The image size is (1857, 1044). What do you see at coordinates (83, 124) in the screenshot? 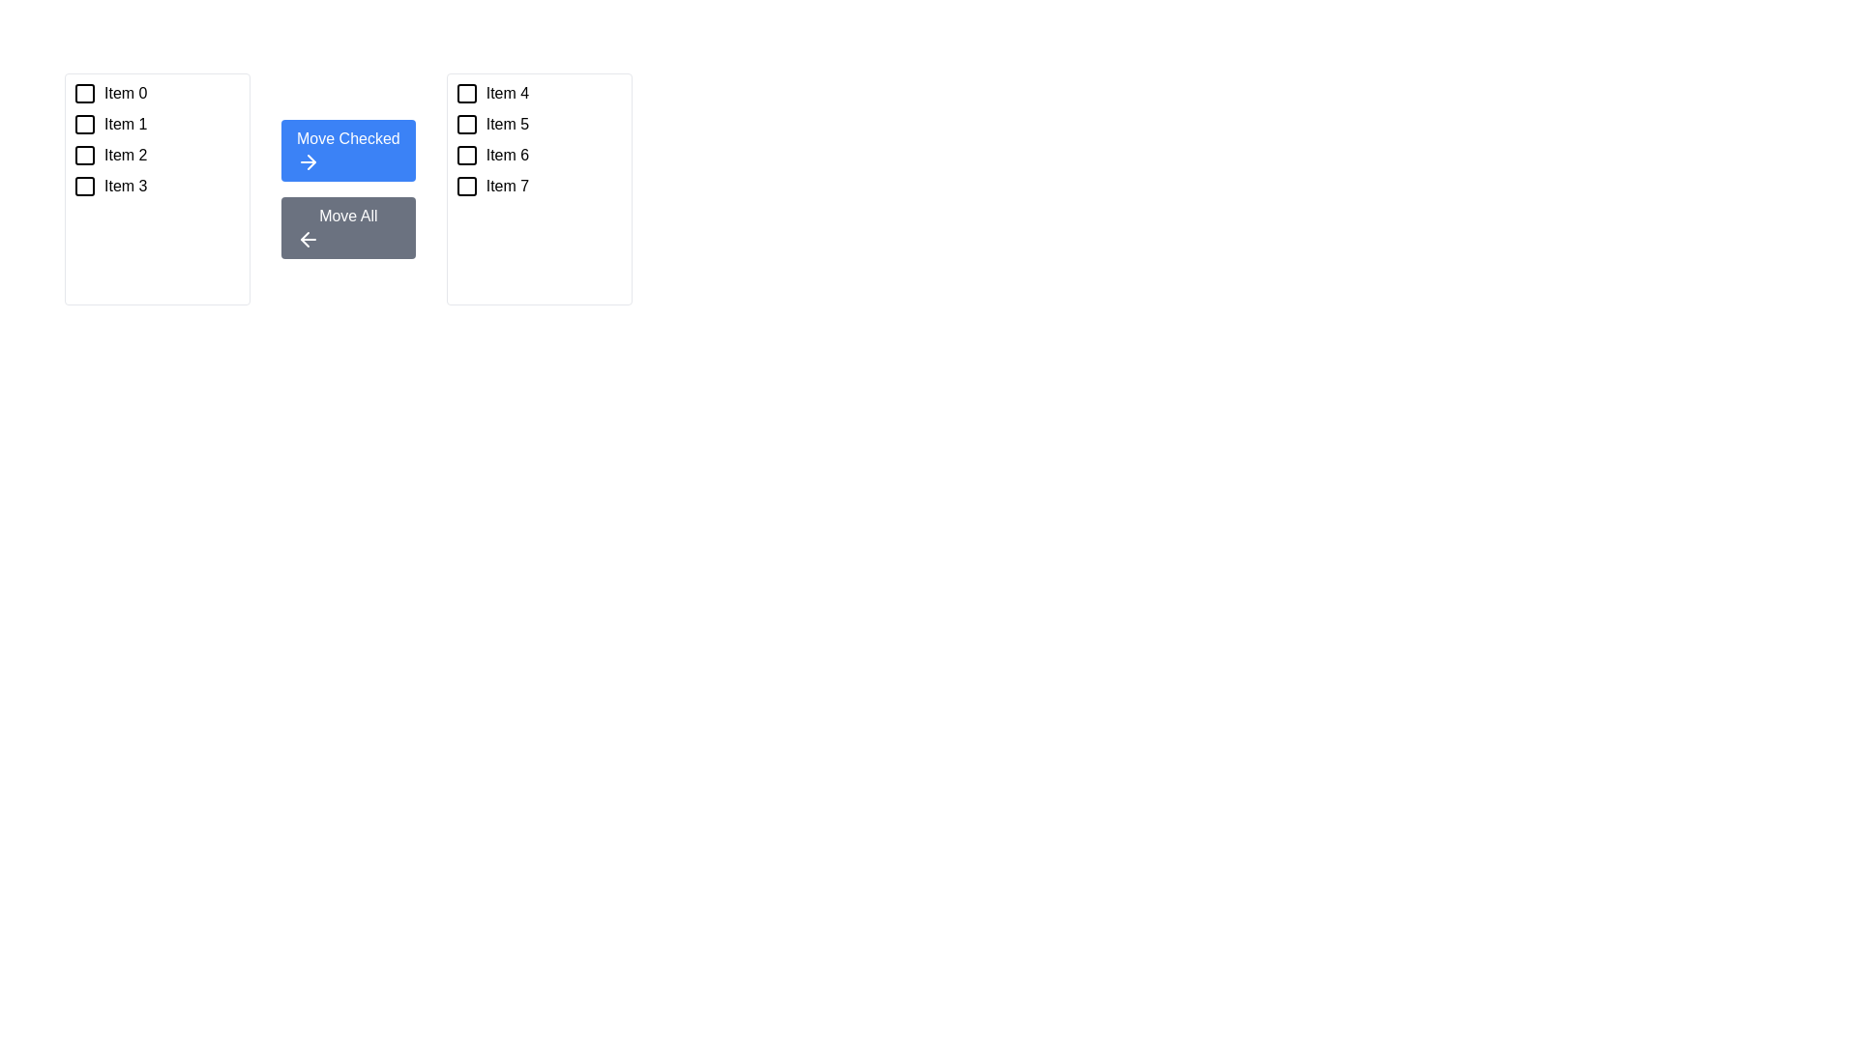
I see `the first checkbox next to the label 'Item 1'` at bounding box center [83, 124].